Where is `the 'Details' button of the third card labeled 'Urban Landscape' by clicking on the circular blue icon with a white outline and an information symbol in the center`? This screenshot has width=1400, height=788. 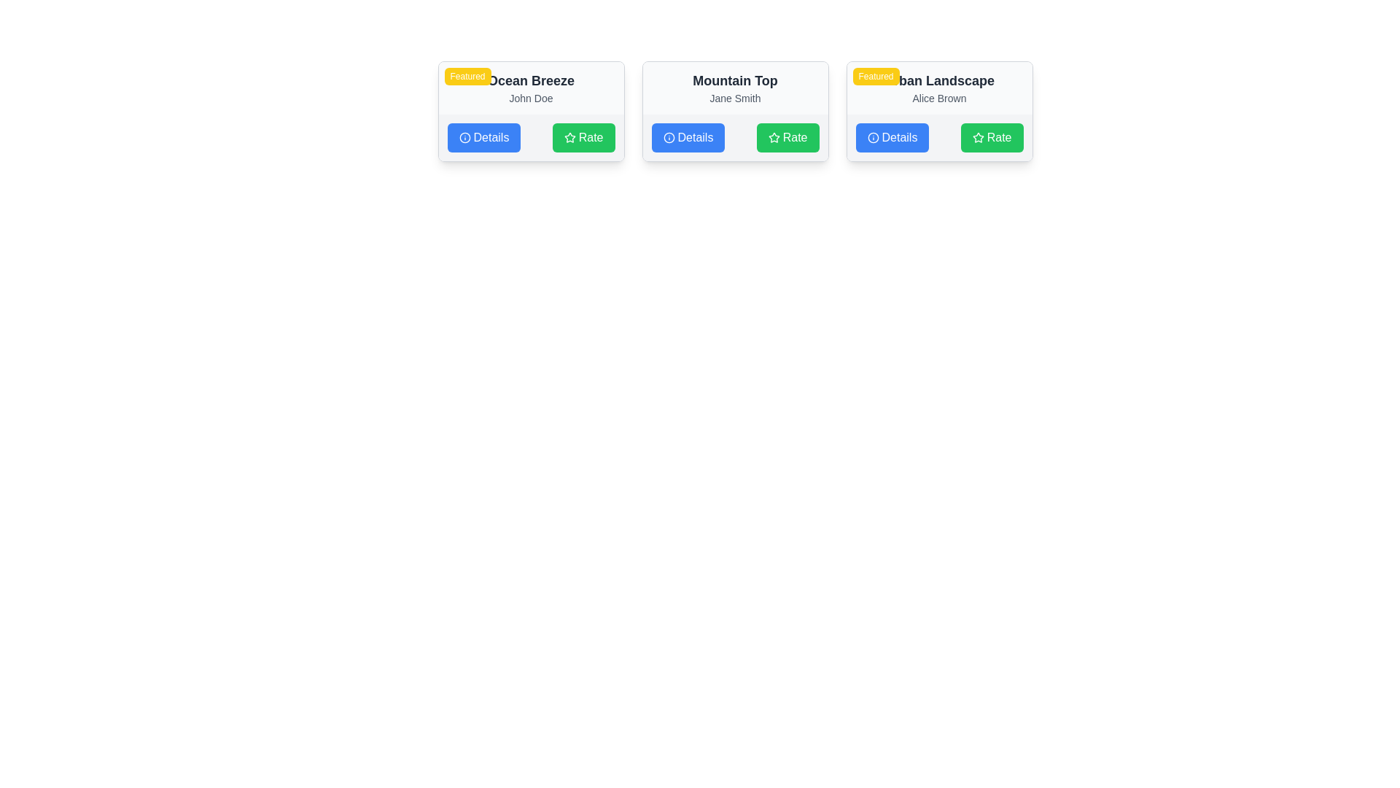 the 'Details' button of the third card labeled 'Urban Landscape' by clicking on the circular blue icon with a white outline and an information symbol in the center is located at coordinates (873, 138).